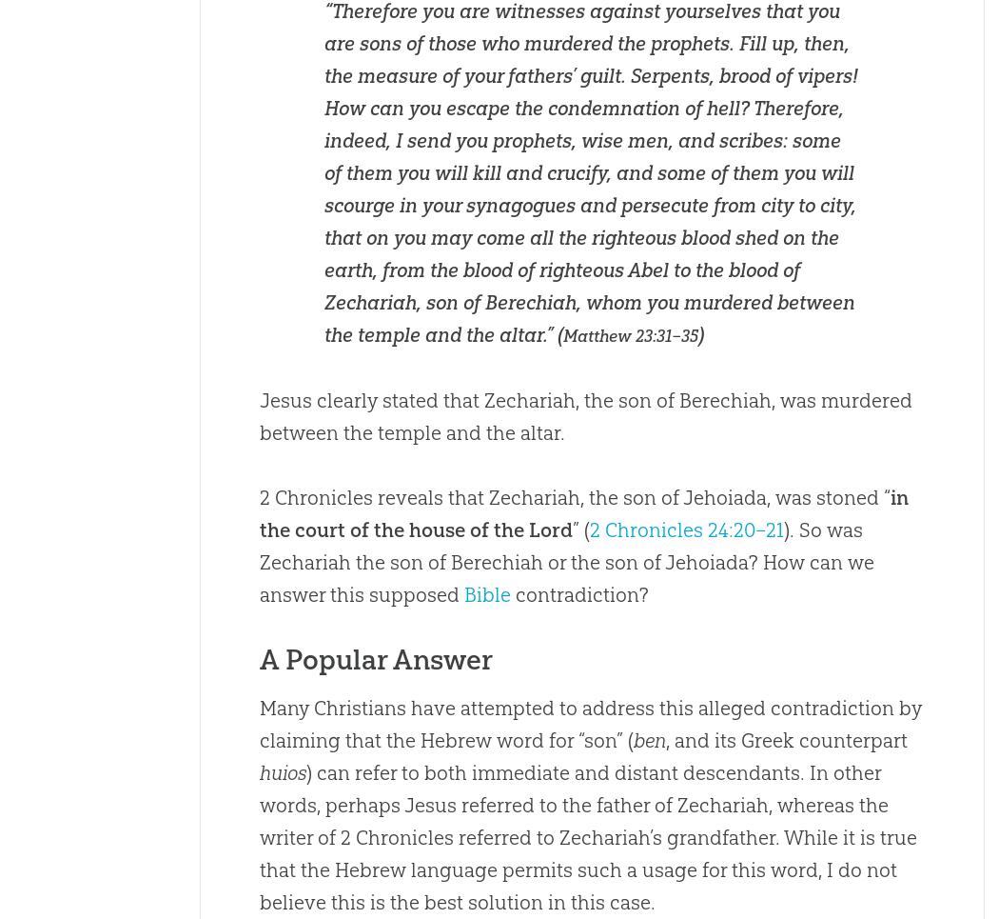  What do you see at coordinates (568, 788) in the screenshot?
I see `') can refer to both immediate and distant descendants. In other words, perhaps'` at bounding box center [568, 788].